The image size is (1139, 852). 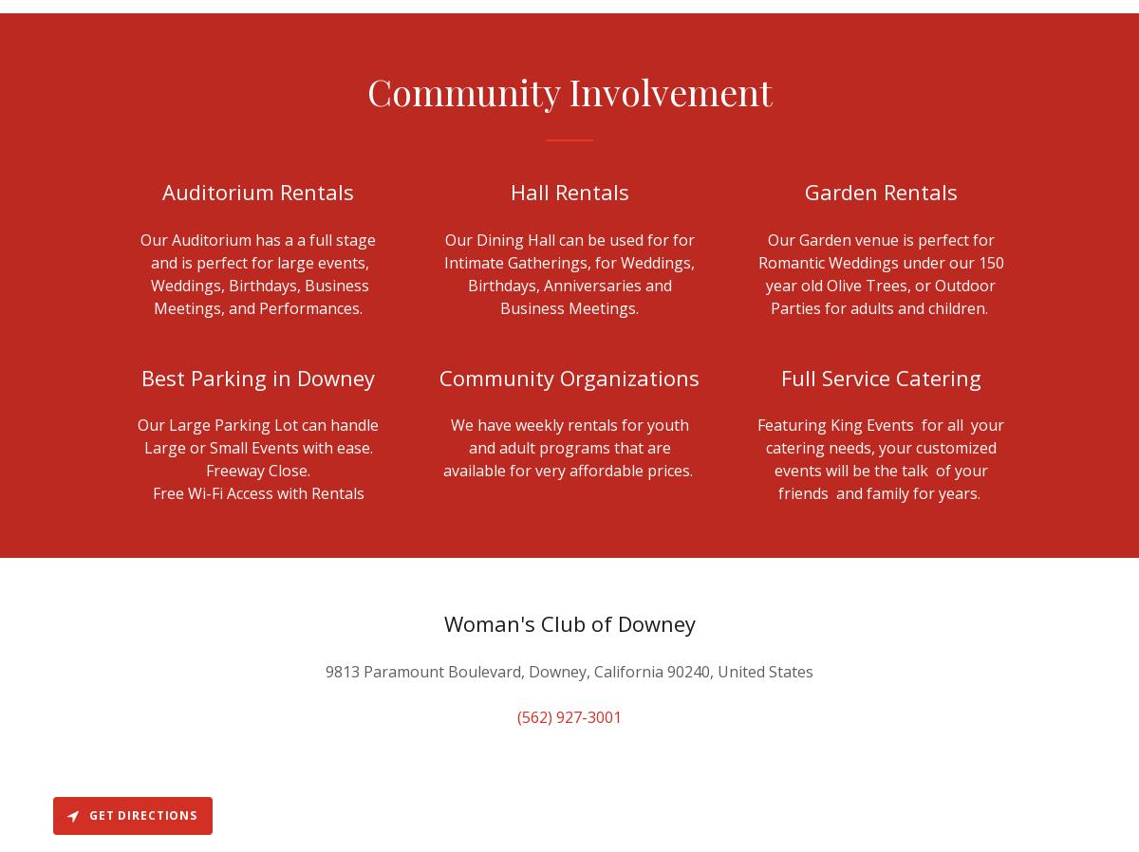 What do you see at coordinates (257, 272) in the screenshot?
I see `'Our Auditorium has a a full stage  and is perfect for large events,  Weddings, Birthdays, Business Meetings, and Performances.'` at bounding box center [257, 272].